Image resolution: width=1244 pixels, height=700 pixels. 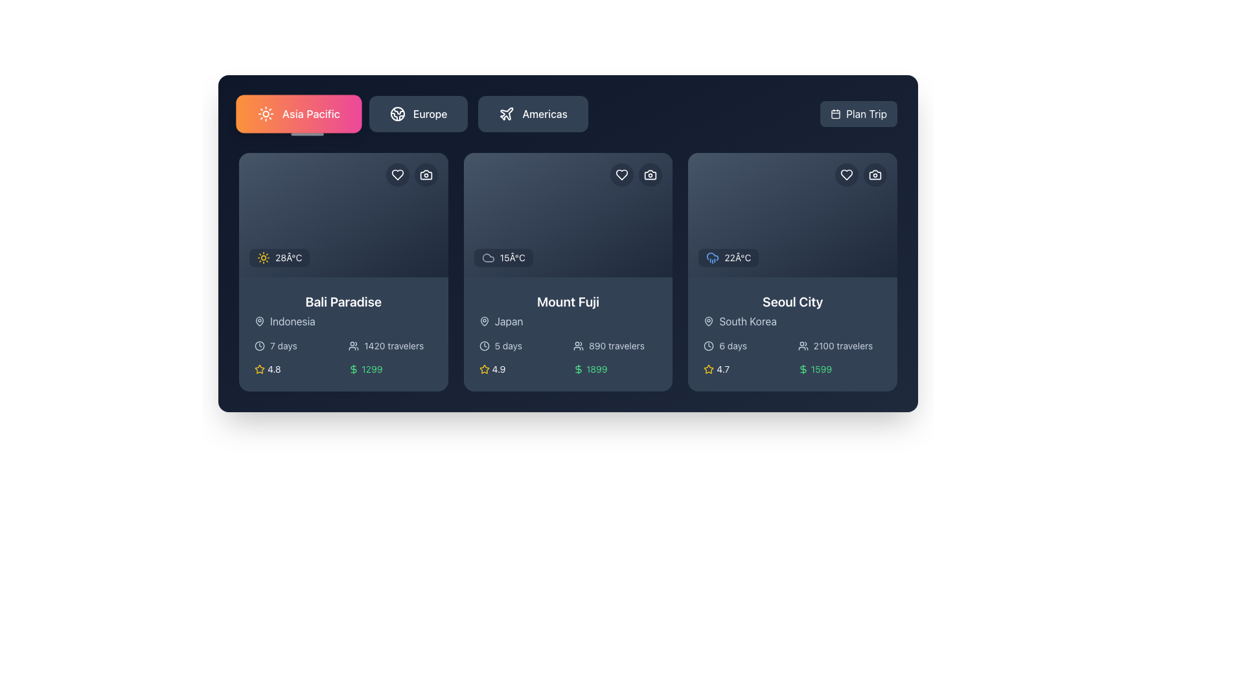 What do you see at coordinates (311, 113) in the screenshot?
I see `text label displaying 'Asia Pacific', which is styled in white font and located at the top-left section of the interface within a gradient background` at bounding box center [311, 113].